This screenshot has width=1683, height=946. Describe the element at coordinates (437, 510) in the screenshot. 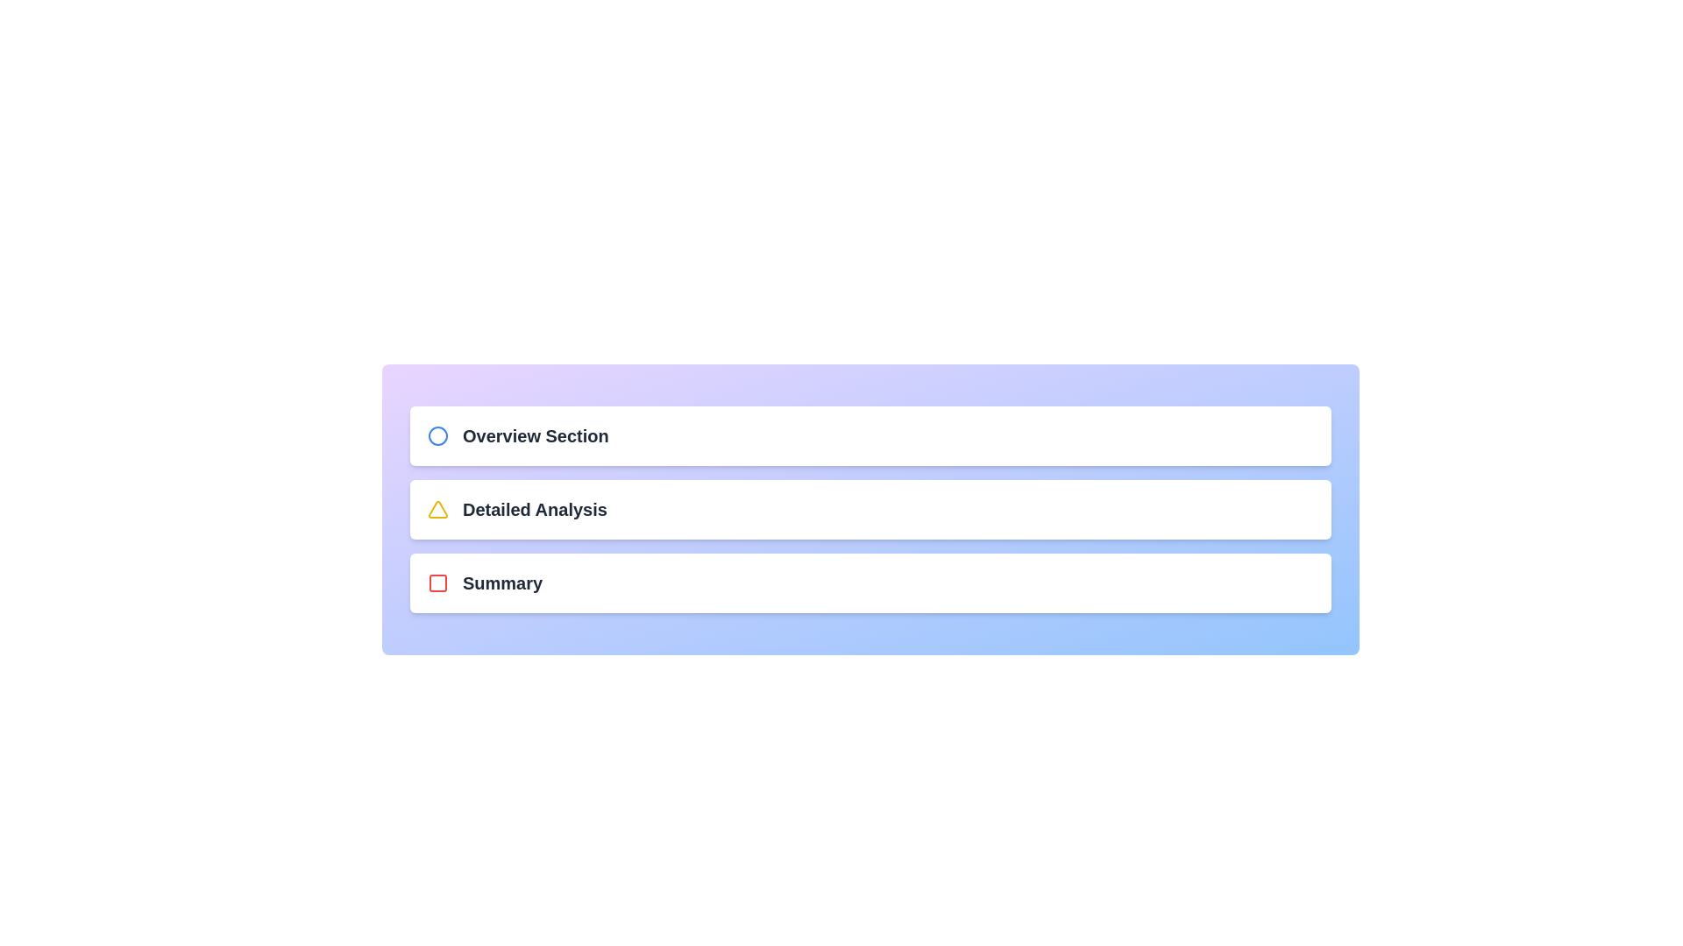

I see `the SVG triangle icon that indicates the 'Detailed Analysis' option, which is positioned to the left of the text label 'Detailed Analysis'` at that location.